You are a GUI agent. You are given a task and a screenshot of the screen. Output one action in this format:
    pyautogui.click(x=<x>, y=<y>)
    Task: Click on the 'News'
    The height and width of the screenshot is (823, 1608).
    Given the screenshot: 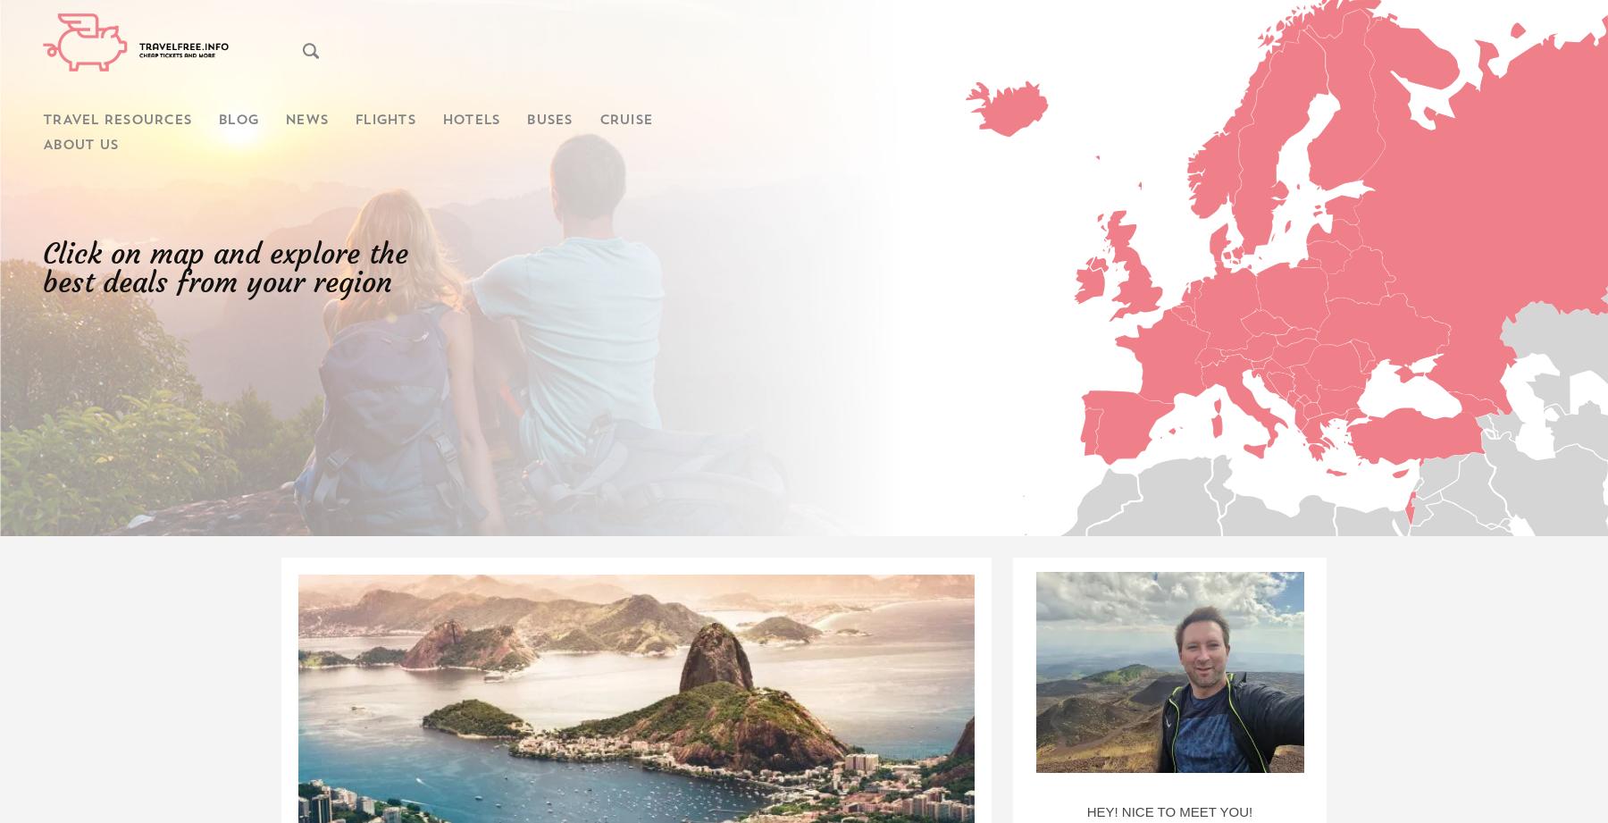 What is the action you would take?
    pyautogui.click(x=306, y=121)
    